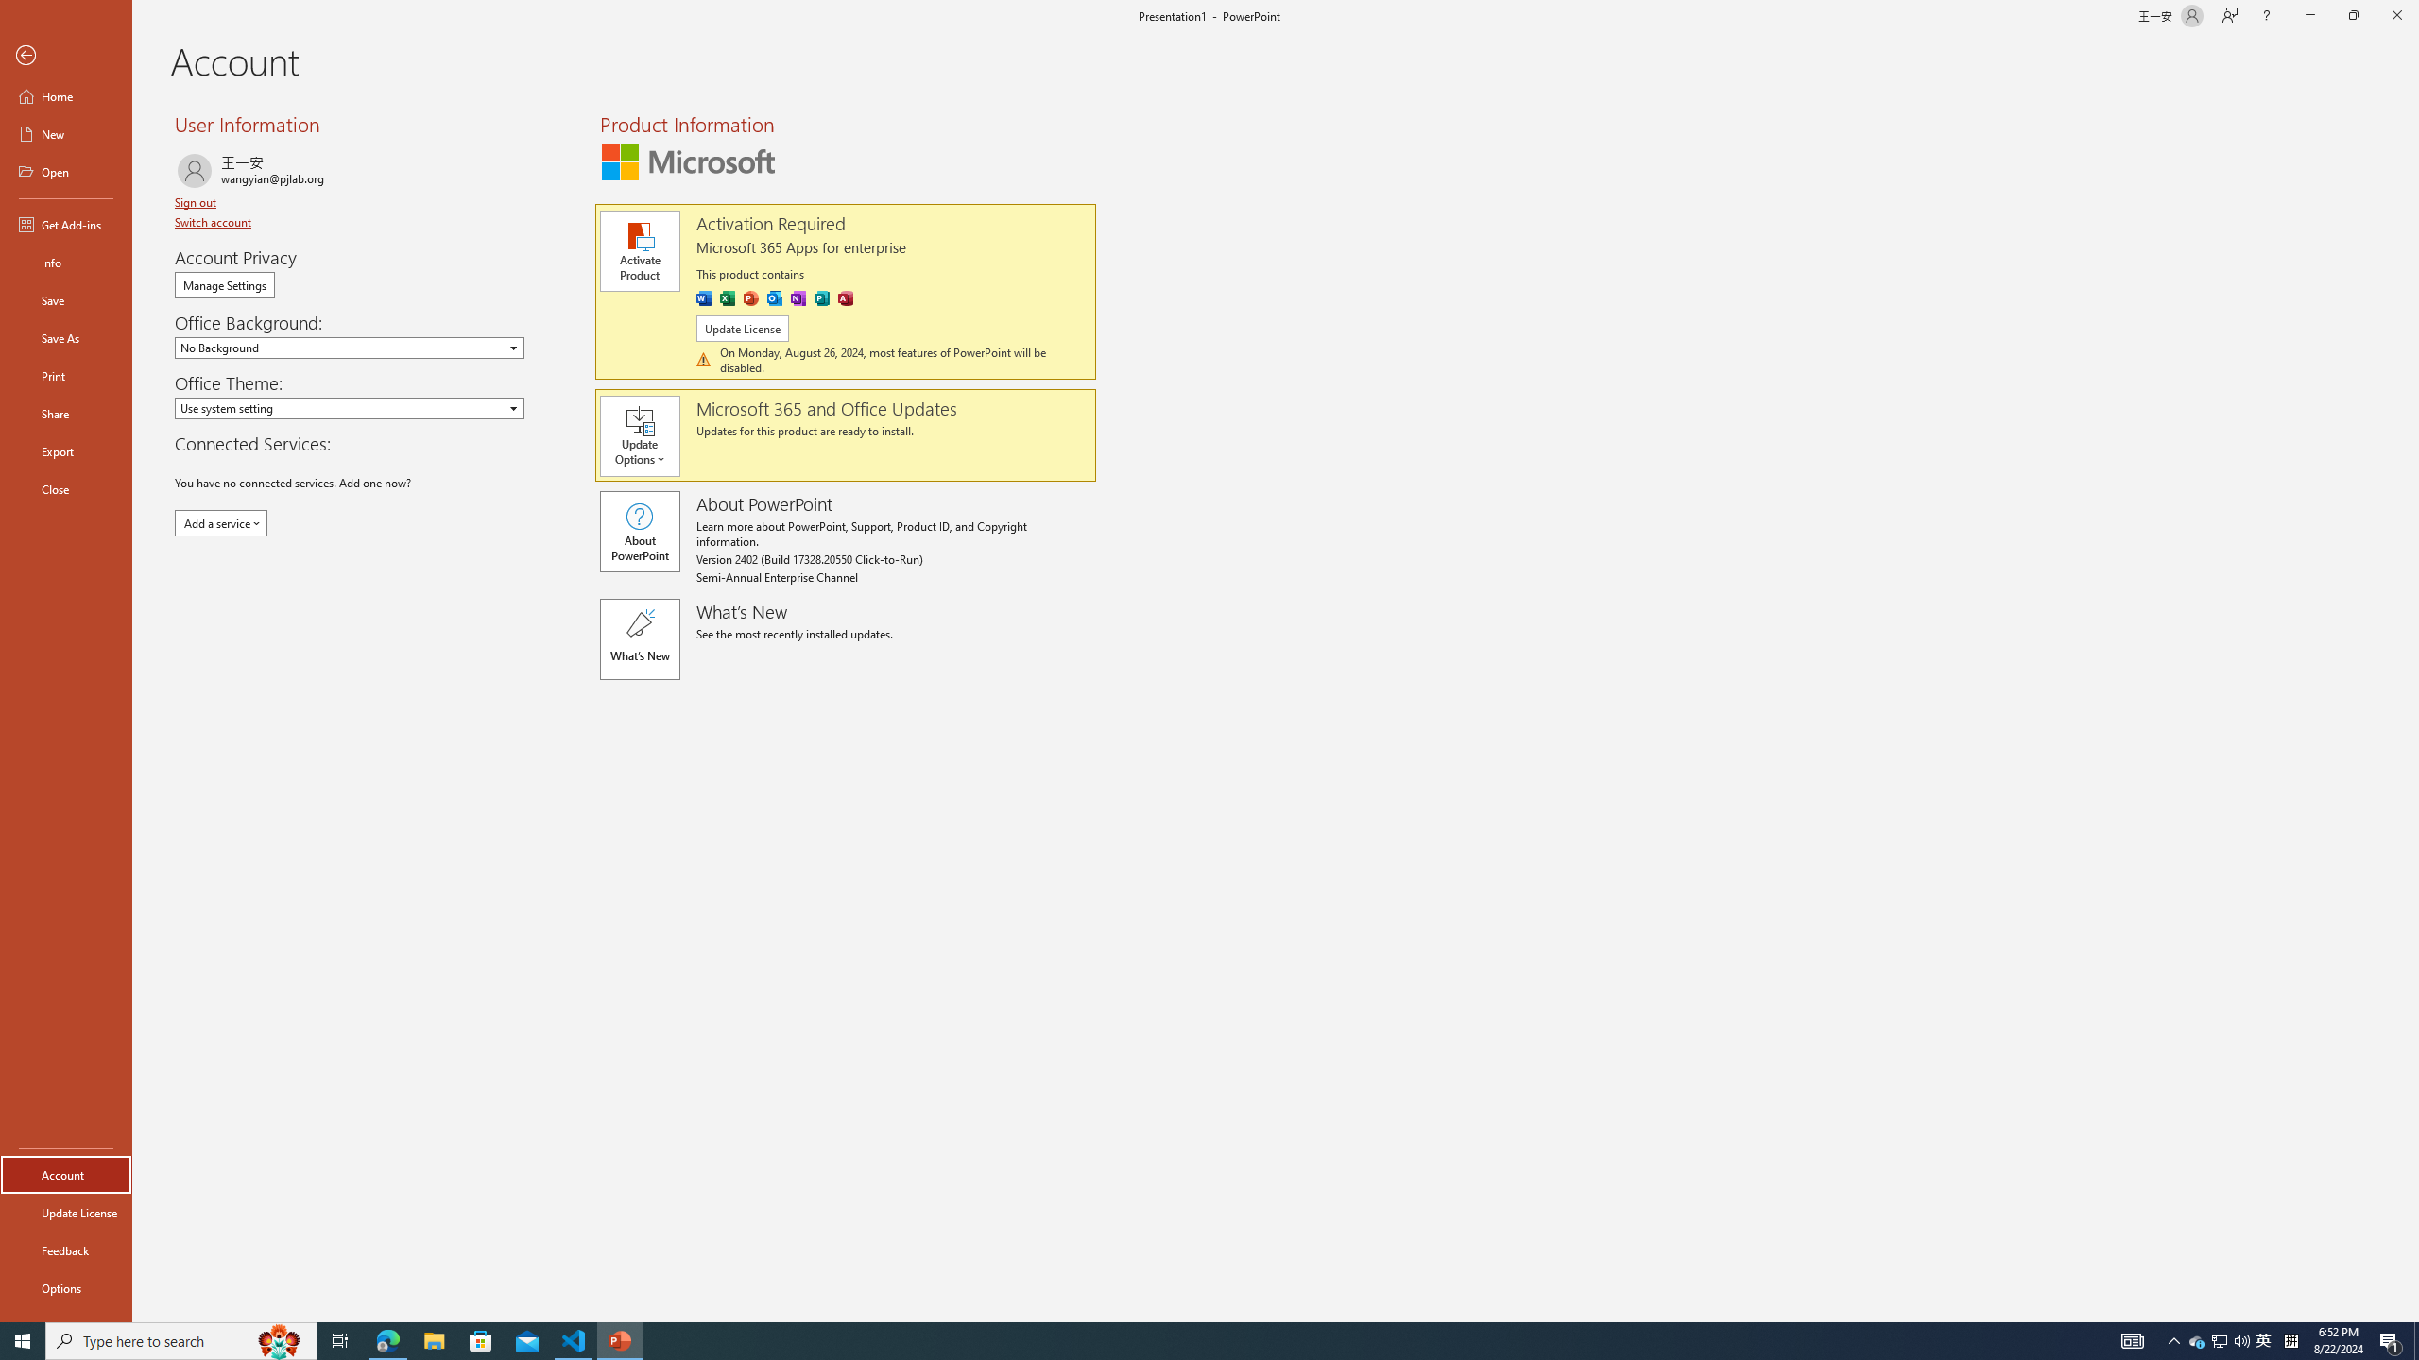 The image size is (2419, 1360). Describe the element at coordinates (65, 451) in the screenshot. I see `'Export'` at that location.